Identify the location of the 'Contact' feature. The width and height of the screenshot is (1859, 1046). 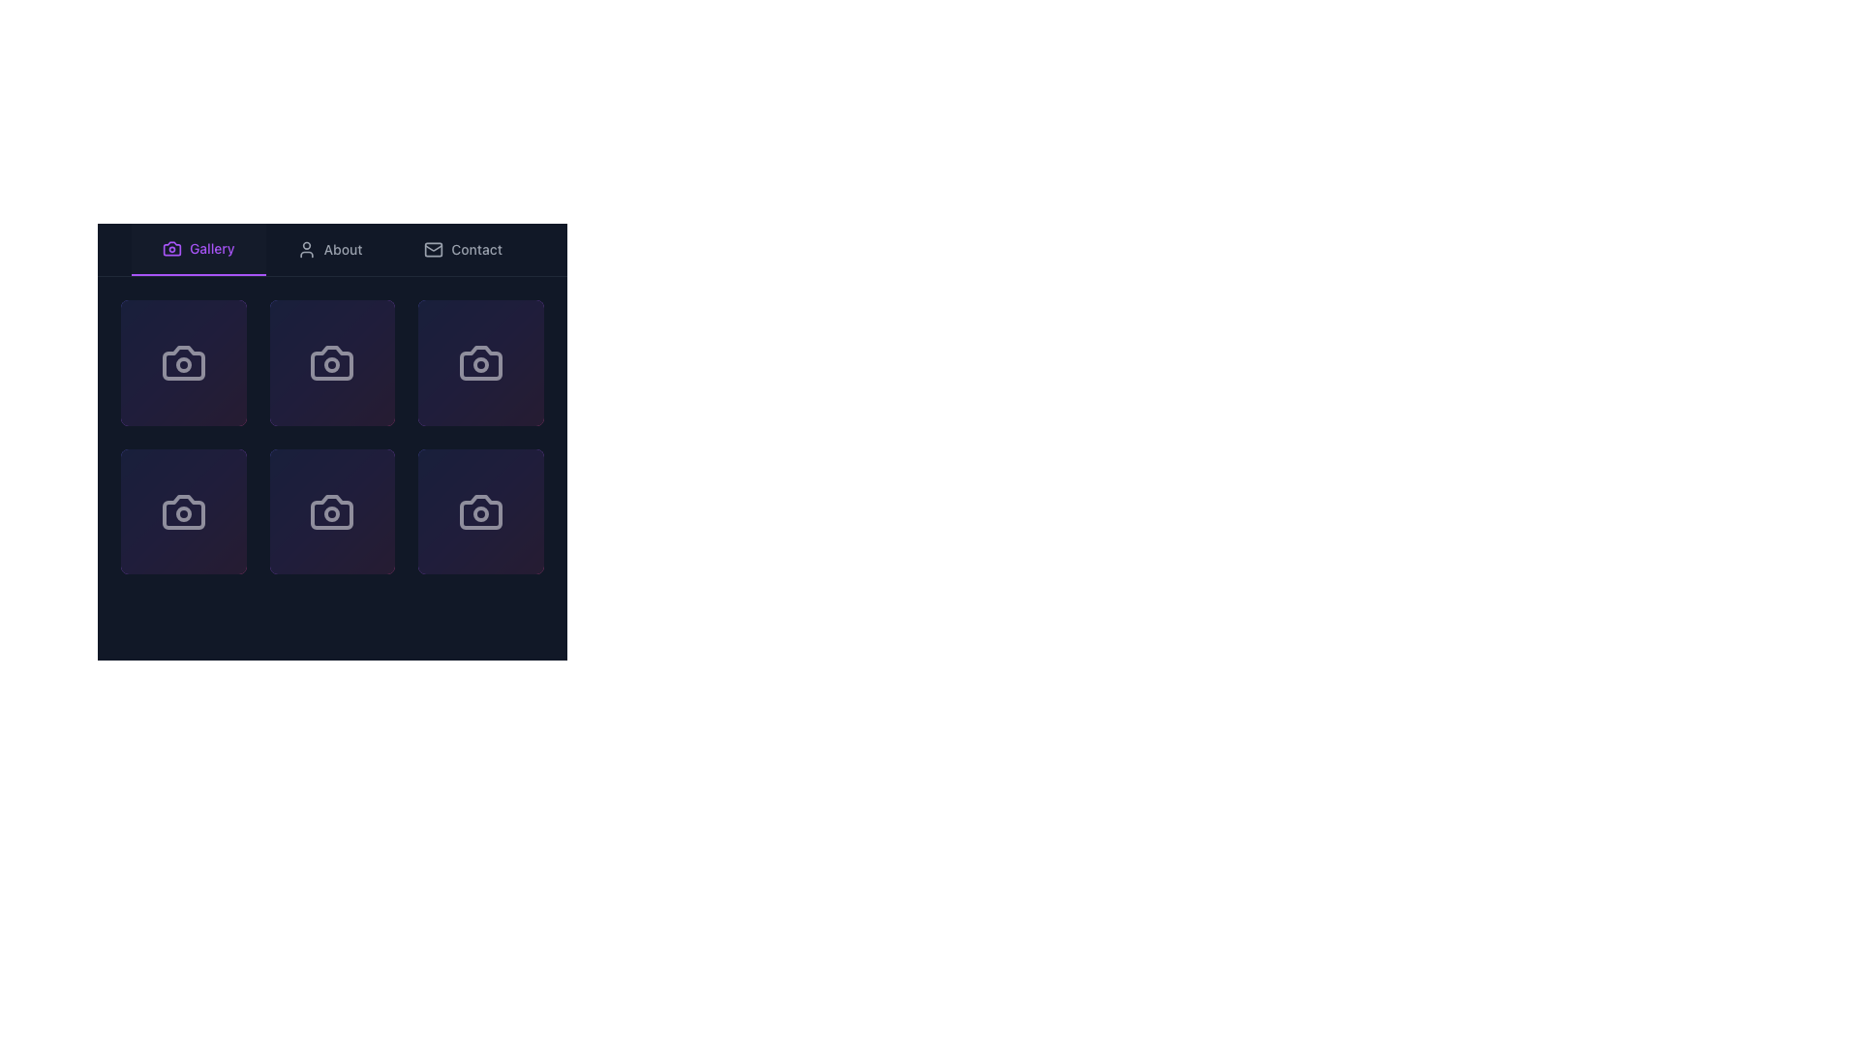
(476, 249).